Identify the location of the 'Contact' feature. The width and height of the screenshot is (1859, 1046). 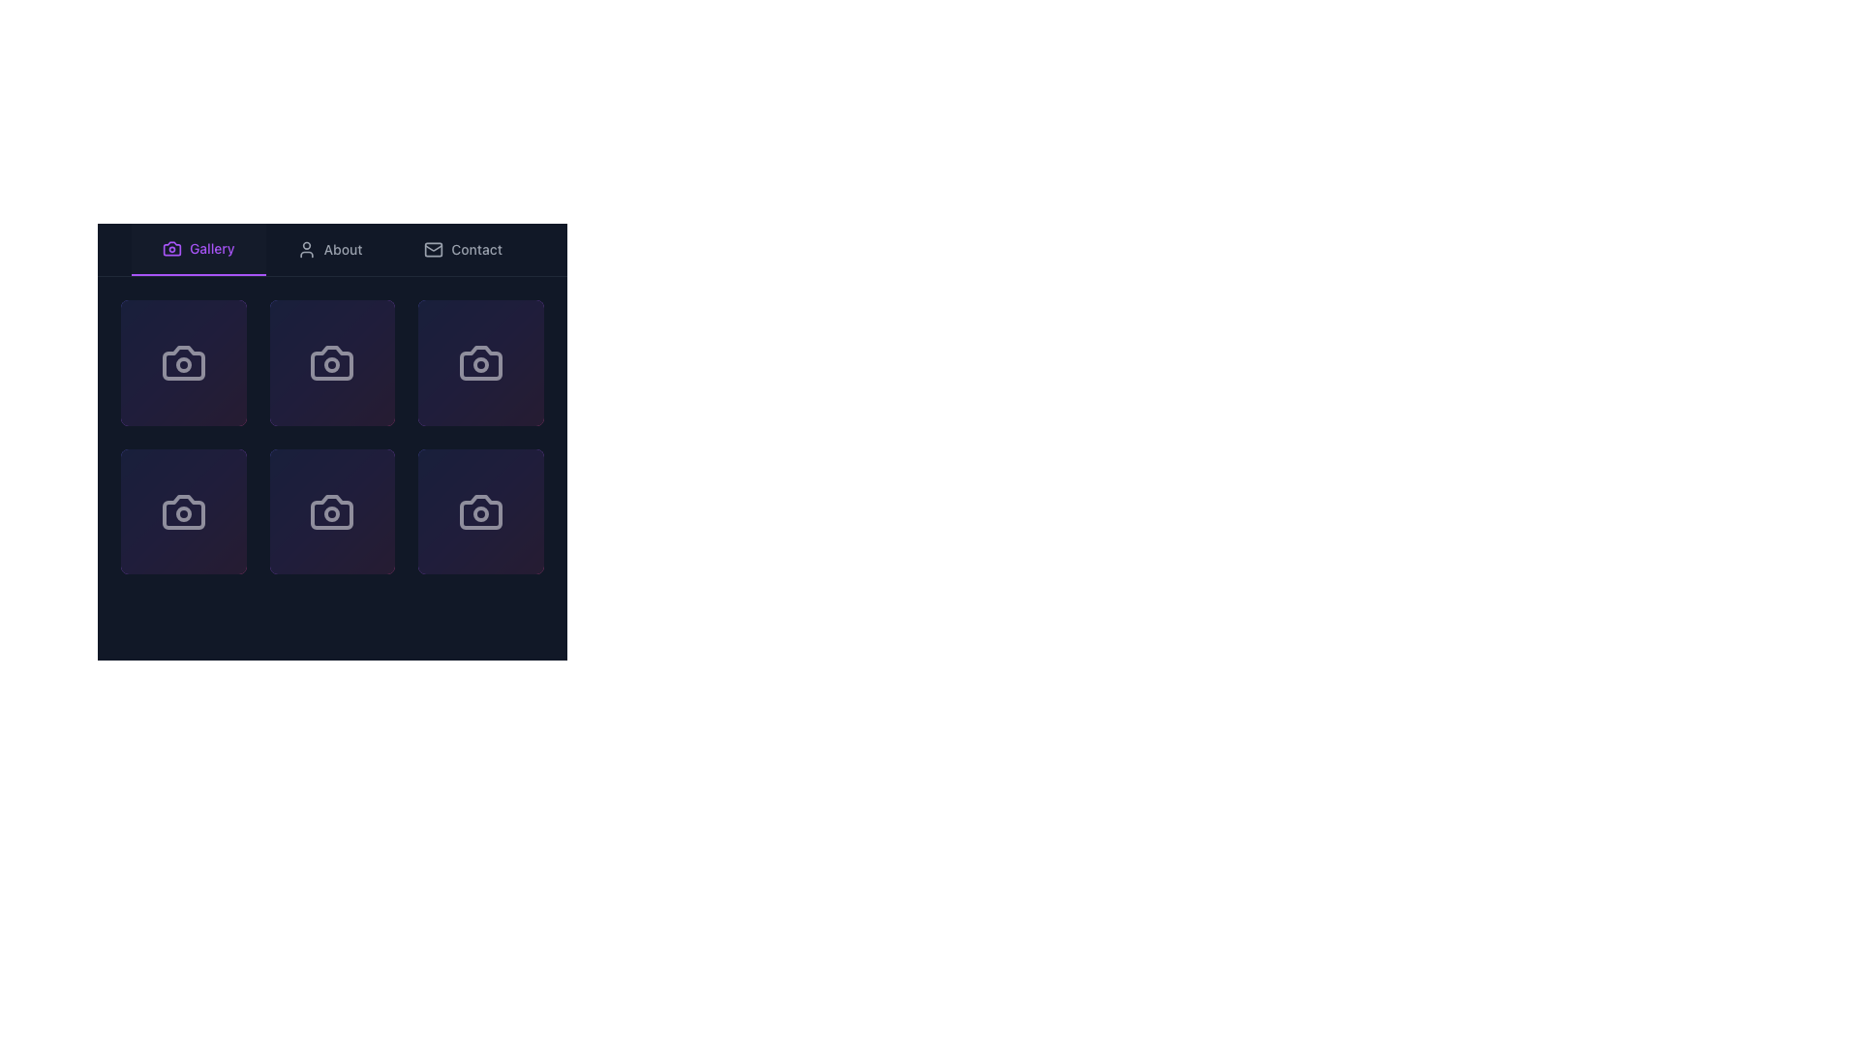
(476, 249).